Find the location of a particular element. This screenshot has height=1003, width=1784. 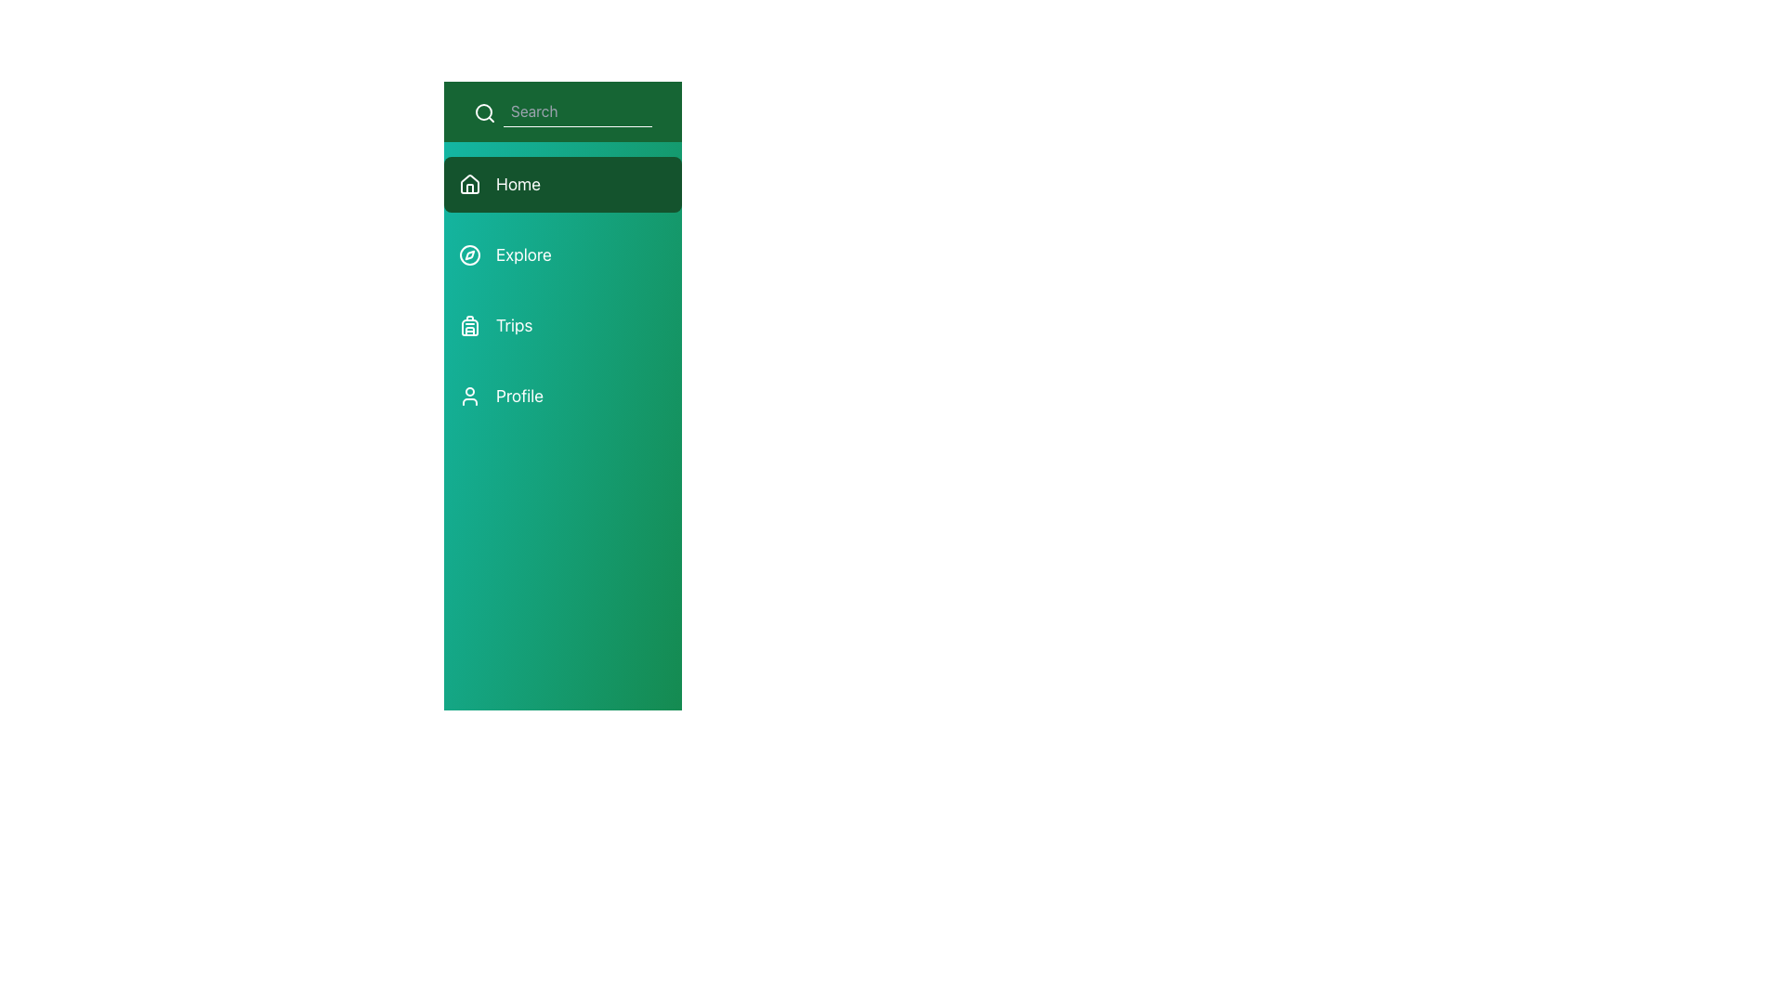

the decorative icon for the 'Trips' section located in the sidebar, third from the top, to the left of the 'Trips' label is located at coordinates (469, 327).